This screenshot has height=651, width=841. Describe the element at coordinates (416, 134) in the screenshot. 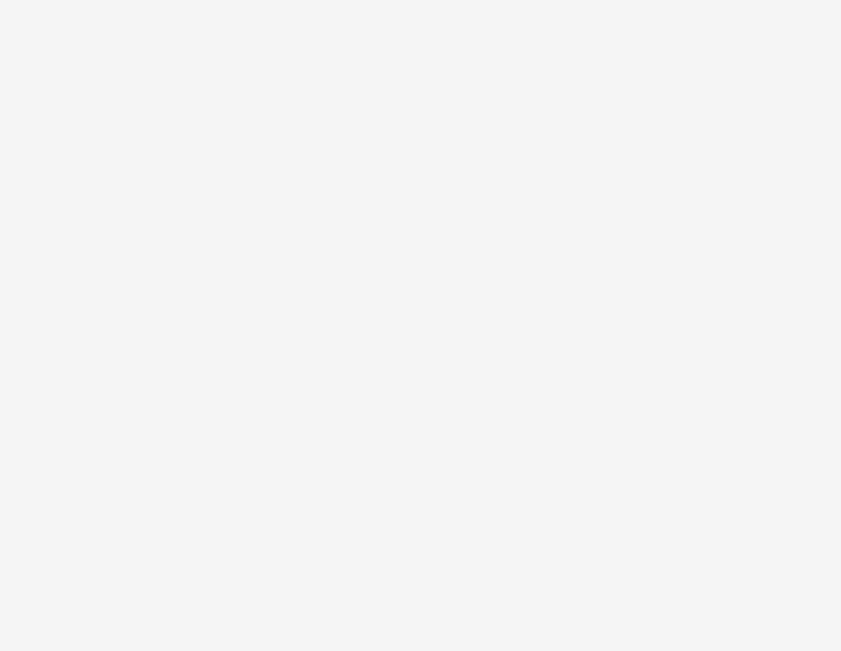

I see `'). These factors should be considered carefully, and readers should not place undue reliance on BlackBerry's forward-looking statements. BlackBerry has no intention and undertakes no obligation to update or revise any forward-looking statements, whether as a result of new information, future events or otherwise, except as required by law.'` at that location.